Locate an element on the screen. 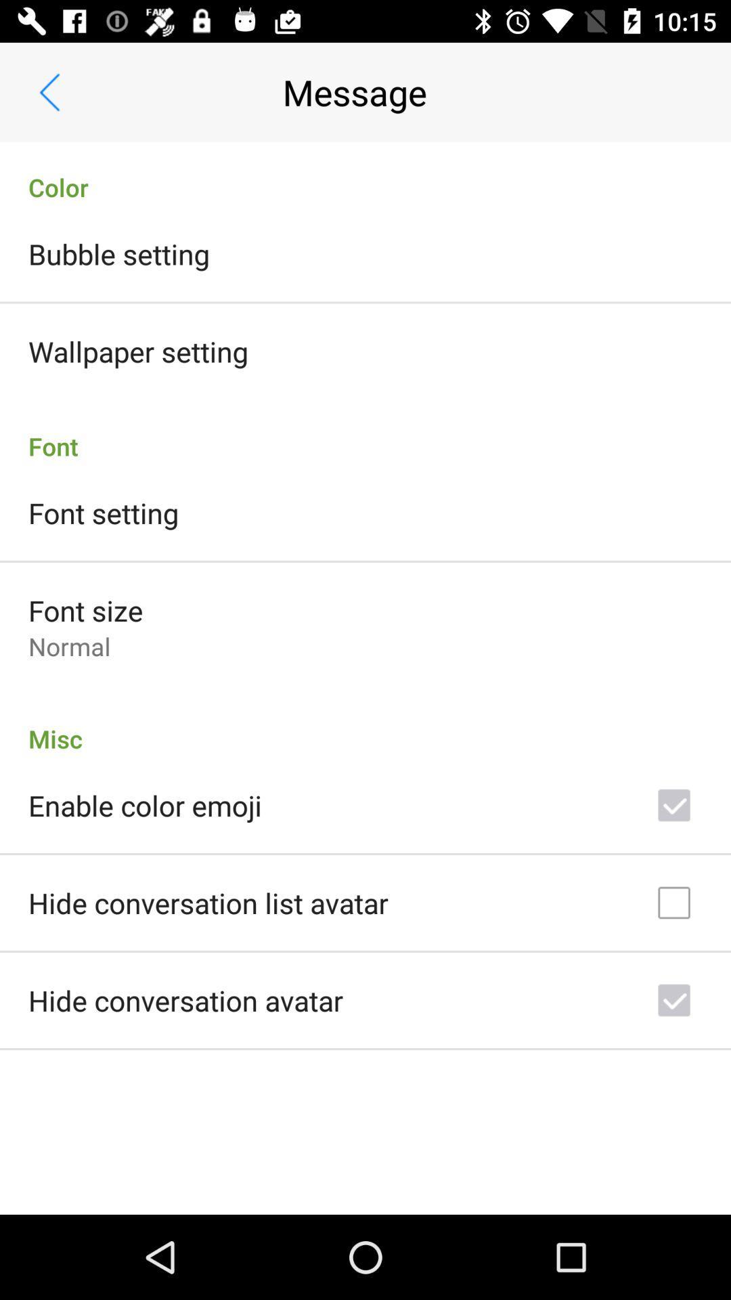 This screenshot has width=731, height=1300. item above hide conversation list icon is located at coordinates (145, 805).